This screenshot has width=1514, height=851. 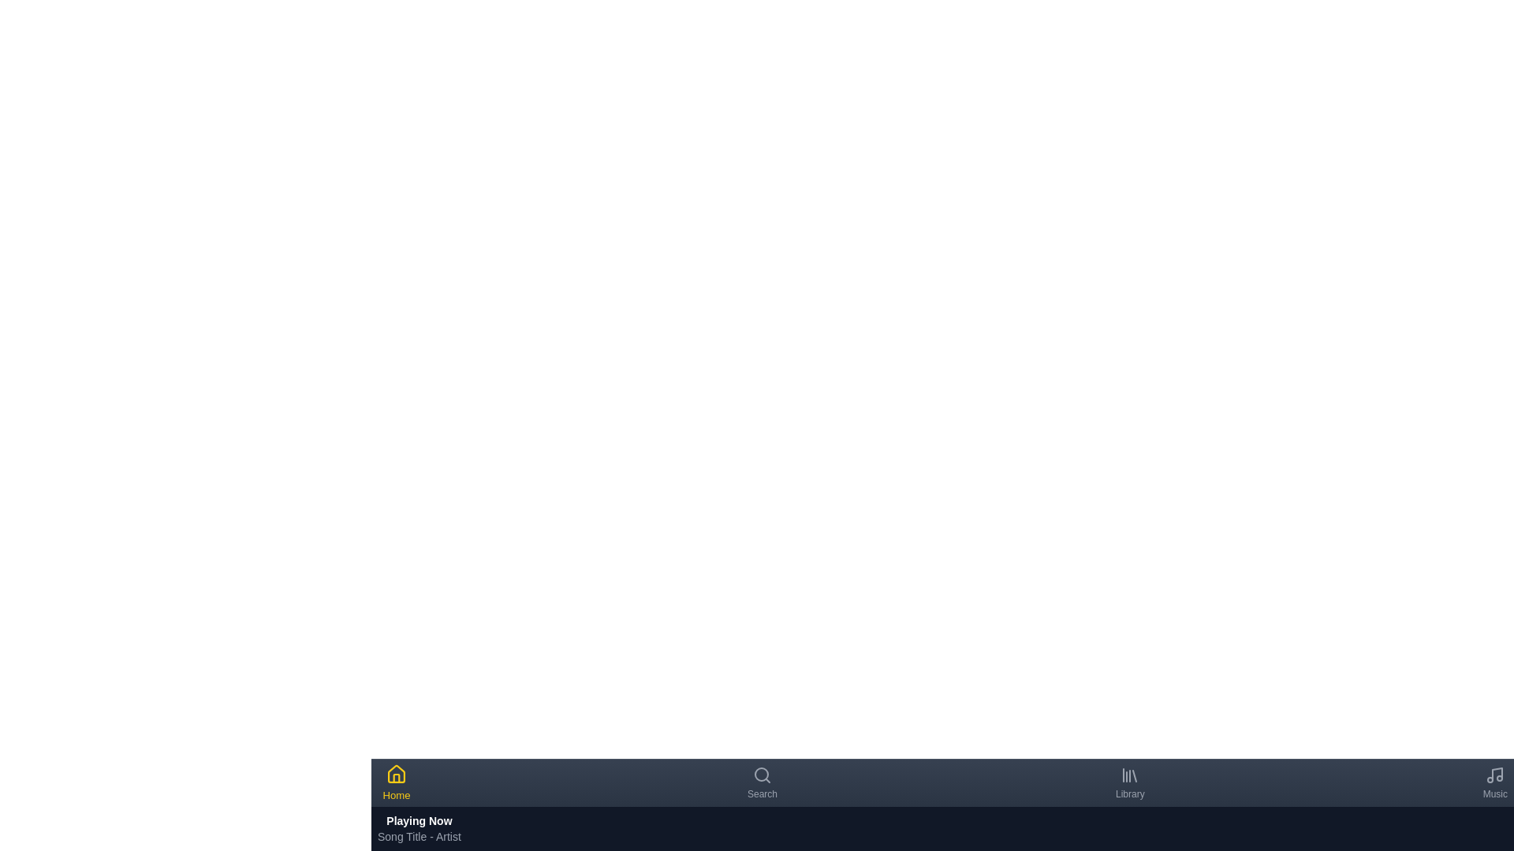 I want to click on the Home navigation tab, so click(x=397, y=783).